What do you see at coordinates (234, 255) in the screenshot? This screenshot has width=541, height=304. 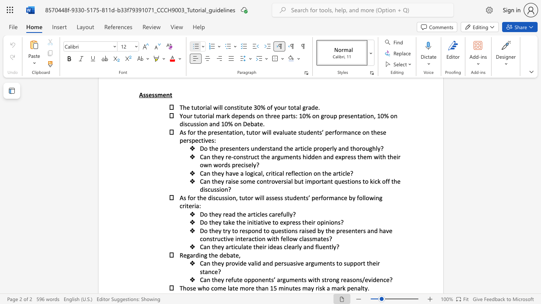 I see `the 2th character "t" in the text` at bounding box center [234, 255].